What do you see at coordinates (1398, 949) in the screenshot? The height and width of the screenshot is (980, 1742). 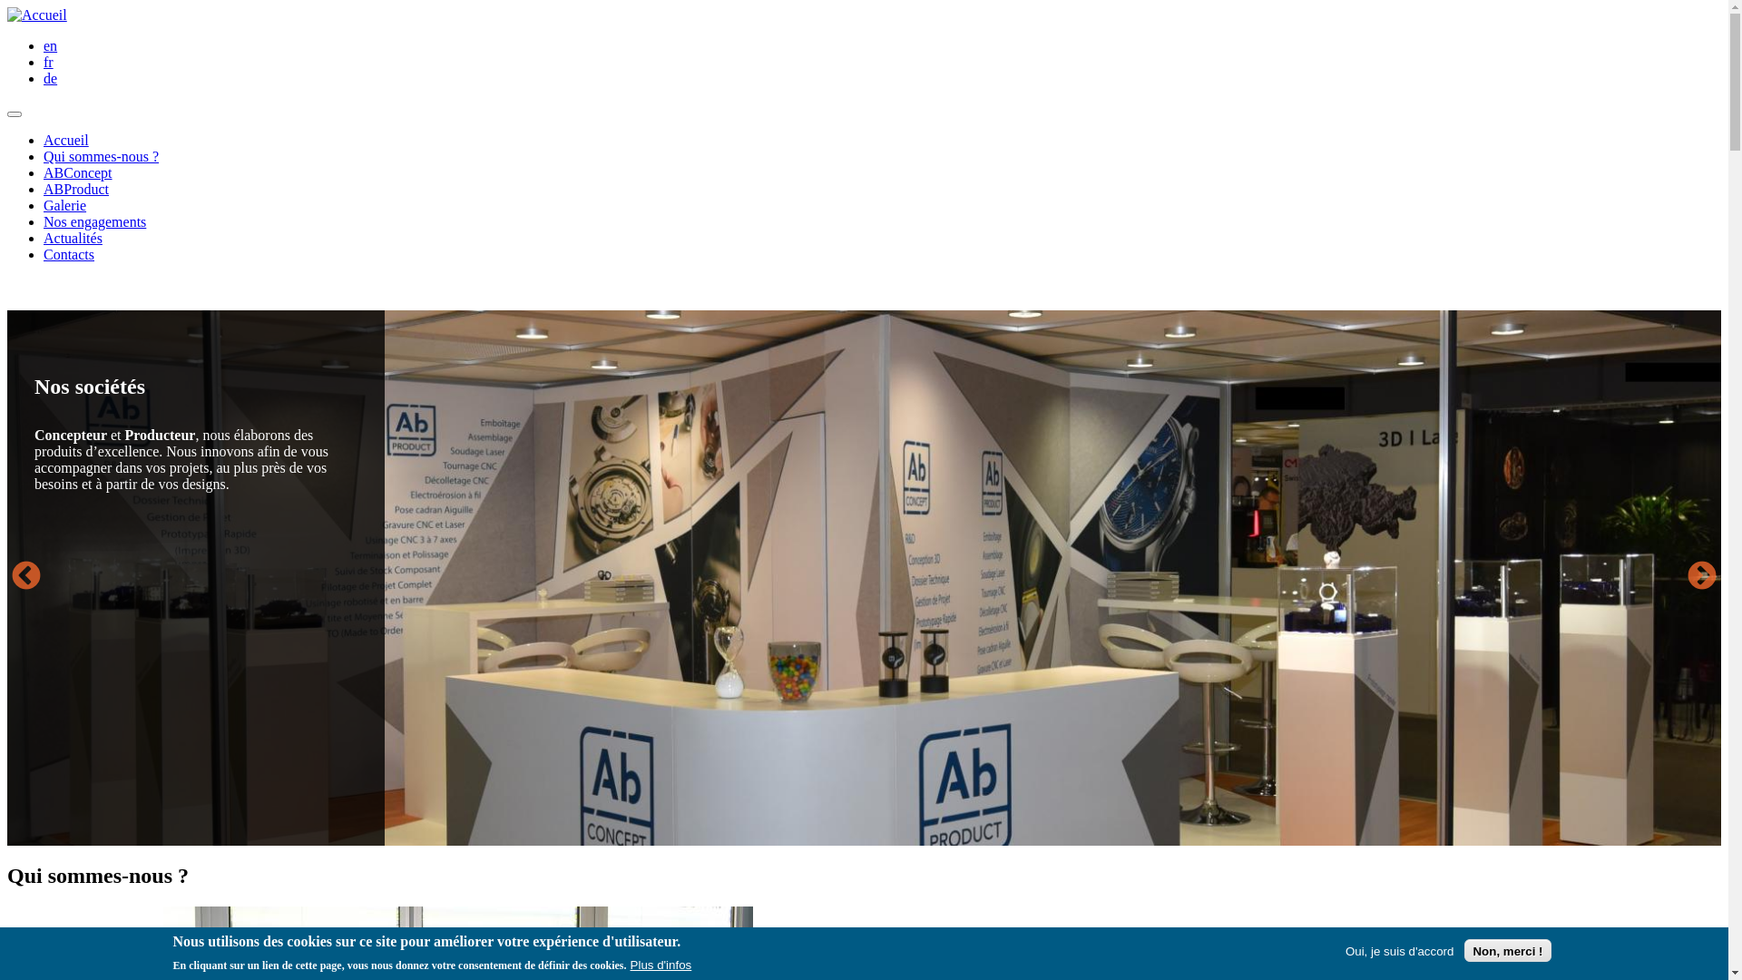 I see `'Oui, je suis d'accord'` at bounding box center [1398, 949].